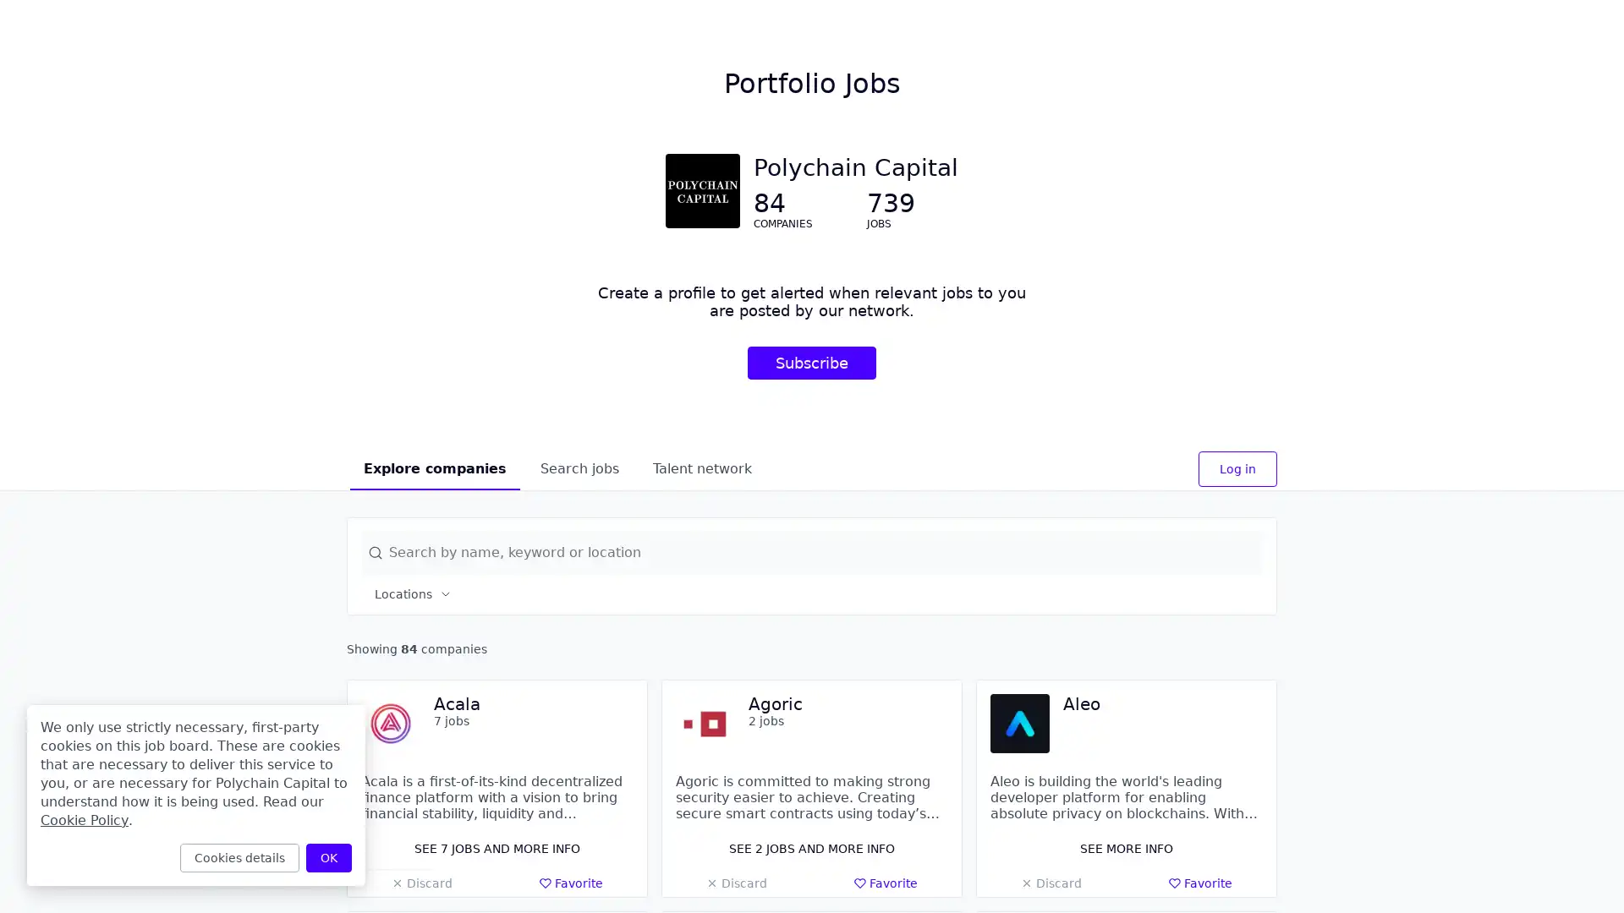  What do you see at coordinates (1050, 883) in the screenshot?
I see `Discard` at bounding box center [1050, 883].